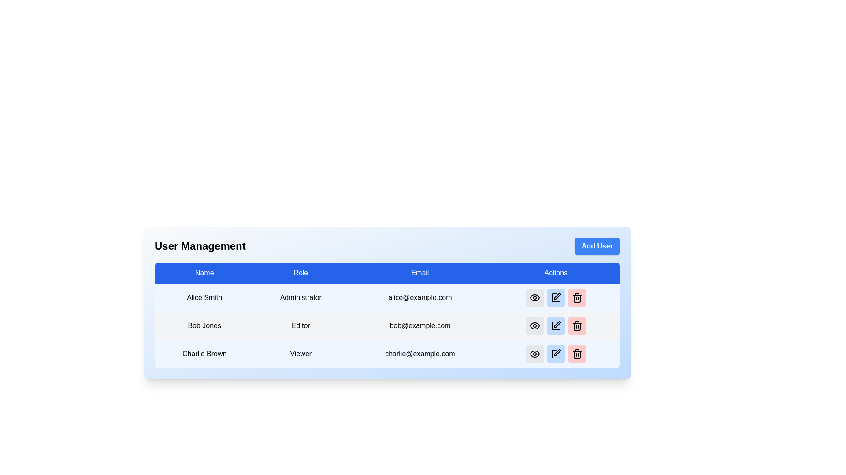 Image resolution: width=846 pixels, height=475 pixels. What do you see at coordinates (555, 297) in the screenshot?
I see `the edit icon button located in the 'Actions' column of the first row in the user list table` at bounding box center [555, 297].